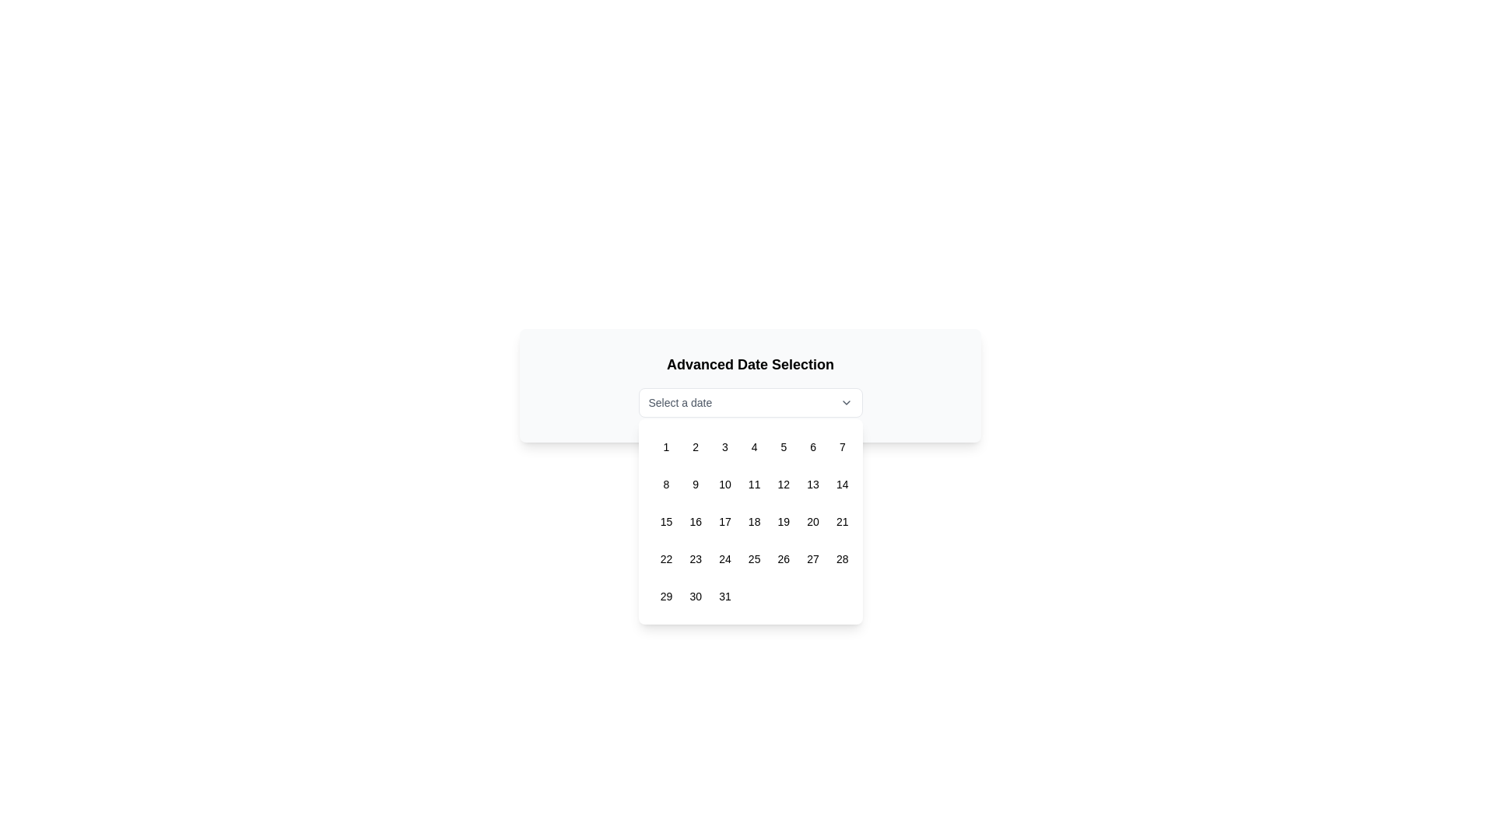 The image size is (1494, 840). Describe the element at coordinates (680, 401) in the screenshot. I see `the text label displaying 'Select a date', which is located within the dropdown component under the heading 'Advanced Date Selection'` at that location.